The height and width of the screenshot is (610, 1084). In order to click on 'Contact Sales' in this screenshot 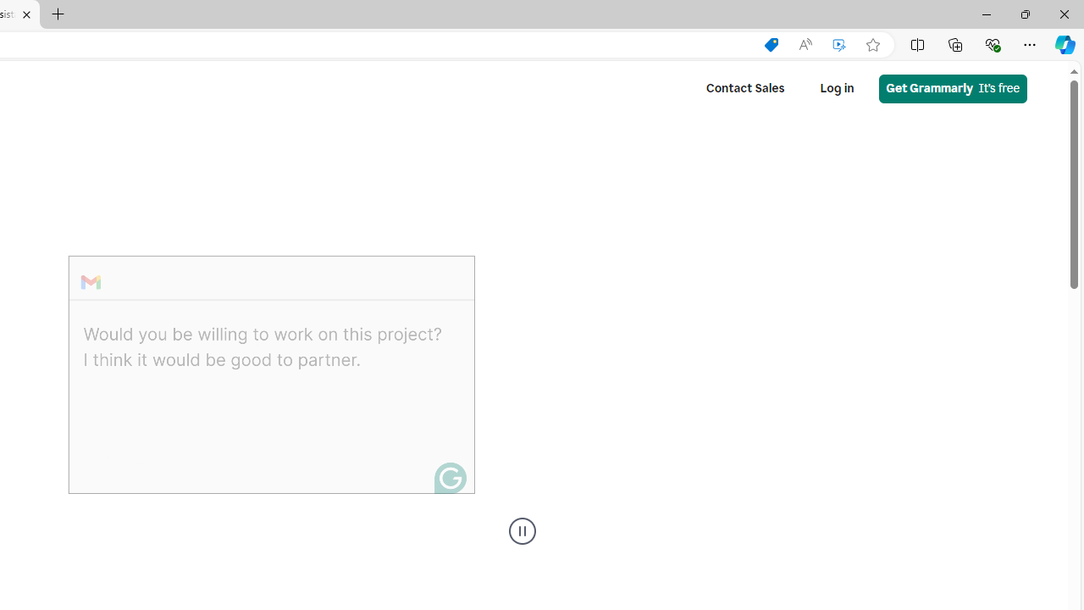, I will do `click(745, 88)`.